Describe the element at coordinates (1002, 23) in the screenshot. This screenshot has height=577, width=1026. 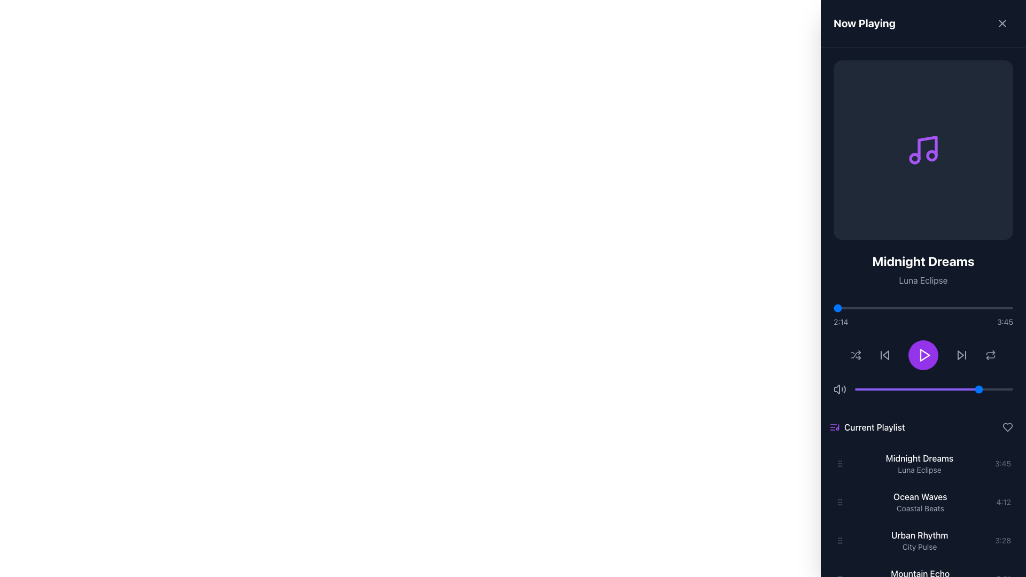
I see `the close button located at the top-right corner of the 'Now Playing' section to observe its hover state` at that location.